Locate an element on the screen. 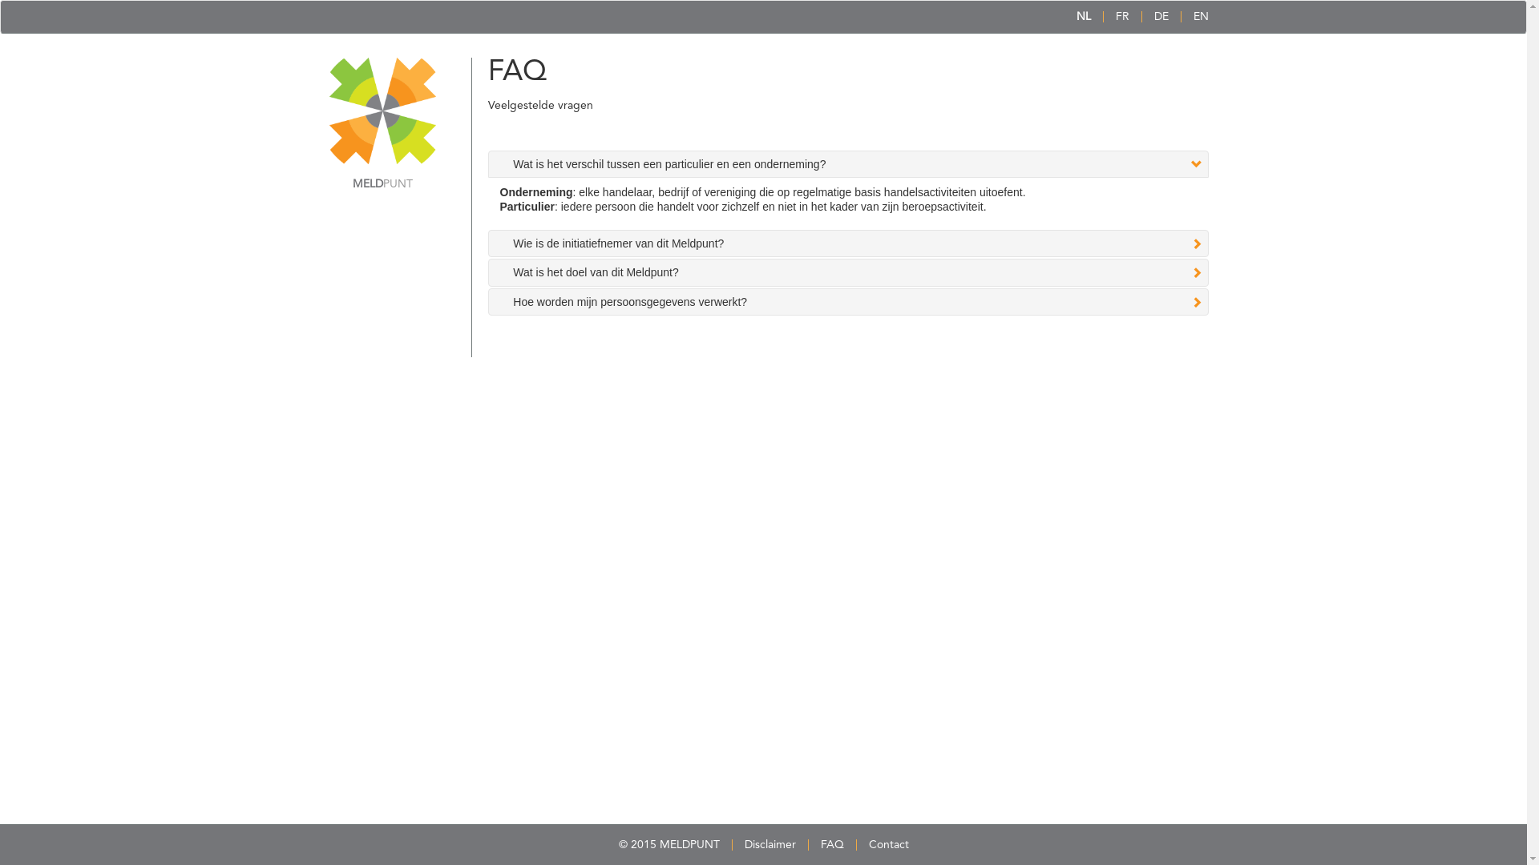  'NL' is located at coordinates (1082, 16).